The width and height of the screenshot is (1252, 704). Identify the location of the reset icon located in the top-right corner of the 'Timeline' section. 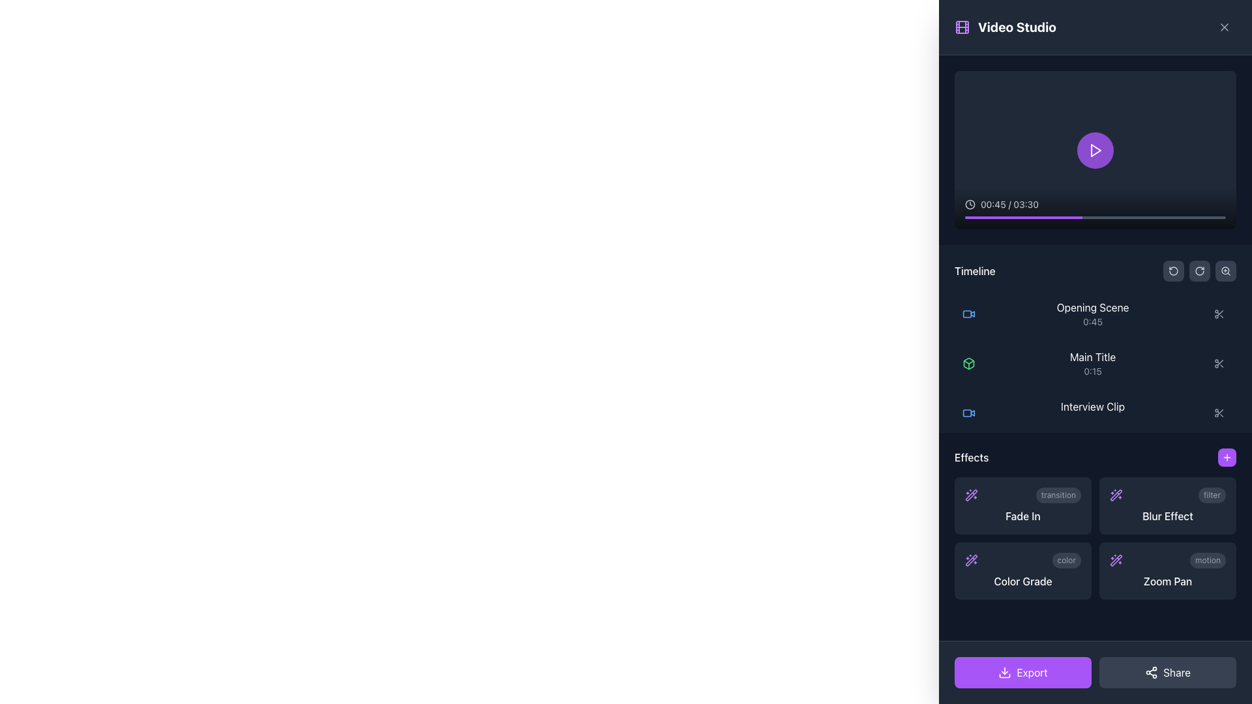
(1174, 271).